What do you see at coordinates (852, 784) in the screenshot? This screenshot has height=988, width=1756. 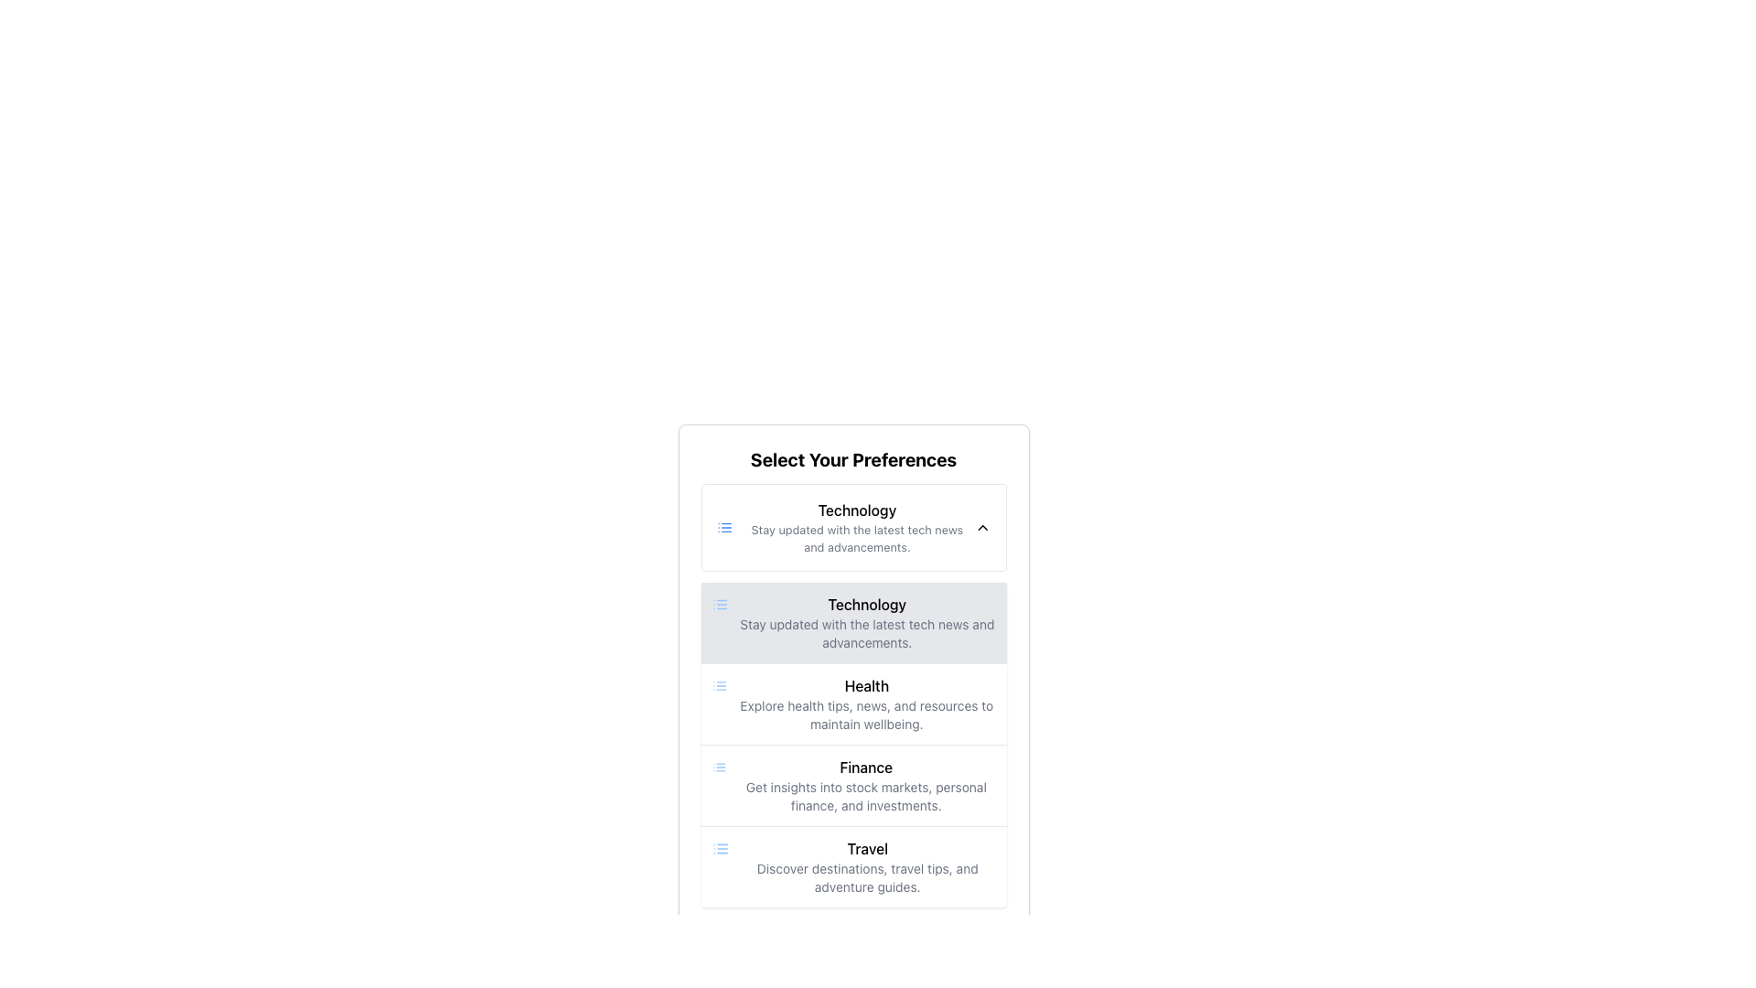 I see `the selectable list item titled 'Finance', which is the third item in a vertically stacked list, visually separated with padding and a hover effect` at bounding box center [852, 784].